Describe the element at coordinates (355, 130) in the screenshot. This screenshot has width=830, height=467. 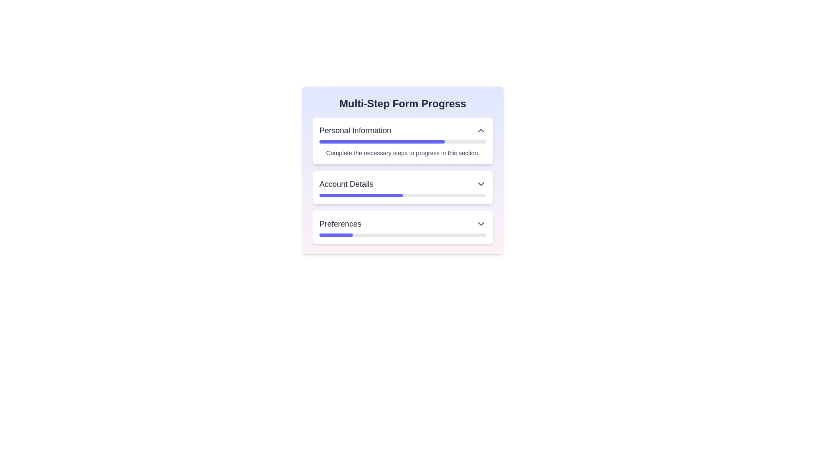
I see `the 'Personal Information' static text label, which is prominently positioned at the top of its section card in a large, bold, dark gray font` at that location.